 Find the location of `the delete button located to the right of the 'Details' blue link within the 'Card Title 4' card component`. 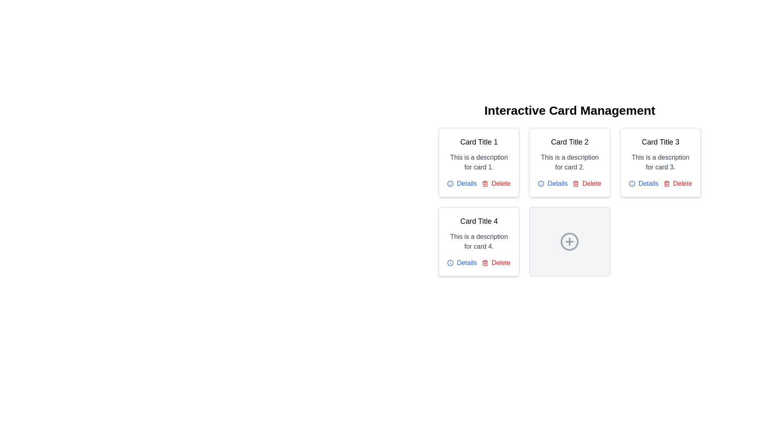

the delete button located to the right of the 'Details' blue link within the 'Card Title 4' card component is located at coordinates (495, 263).